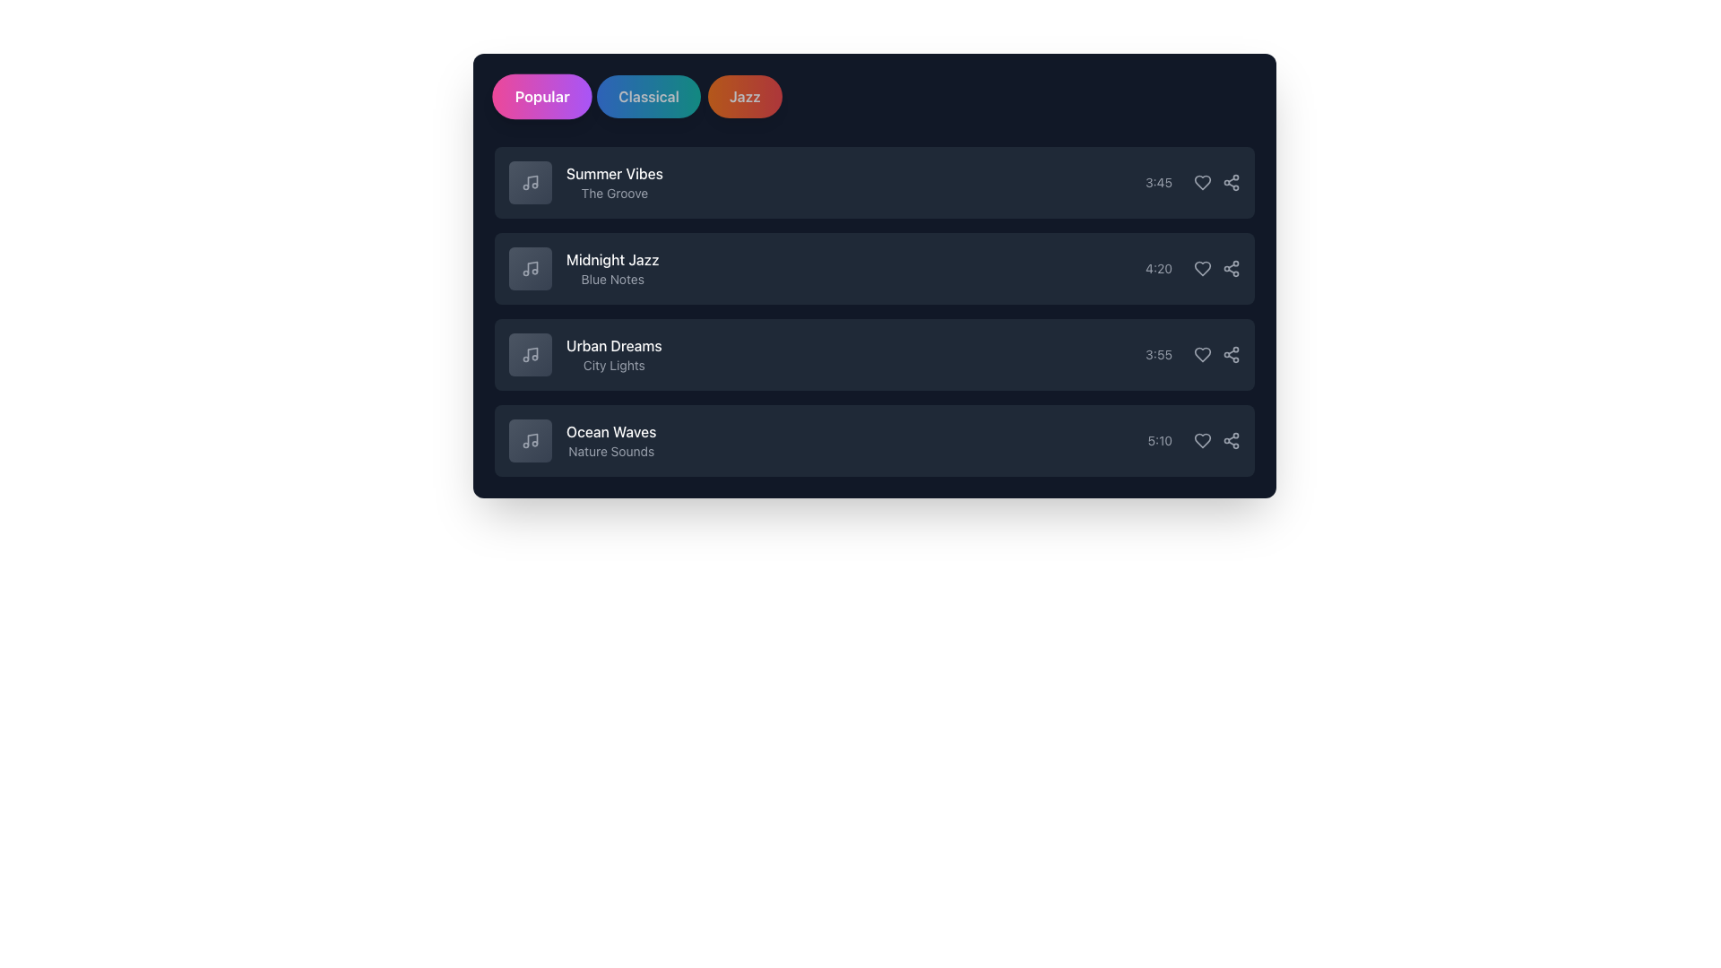 This screenshot has height=968, width=1721. I want to click on the list entry containing the music icon and text titled 'Midnight Jazz', so click(584, 269).